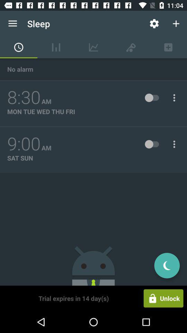 Image resolution: width=187 pixels, height=333 pixels. Describe the element at coordinates (167, 265) in the screenshot. I see `do not disturb function` at that location.